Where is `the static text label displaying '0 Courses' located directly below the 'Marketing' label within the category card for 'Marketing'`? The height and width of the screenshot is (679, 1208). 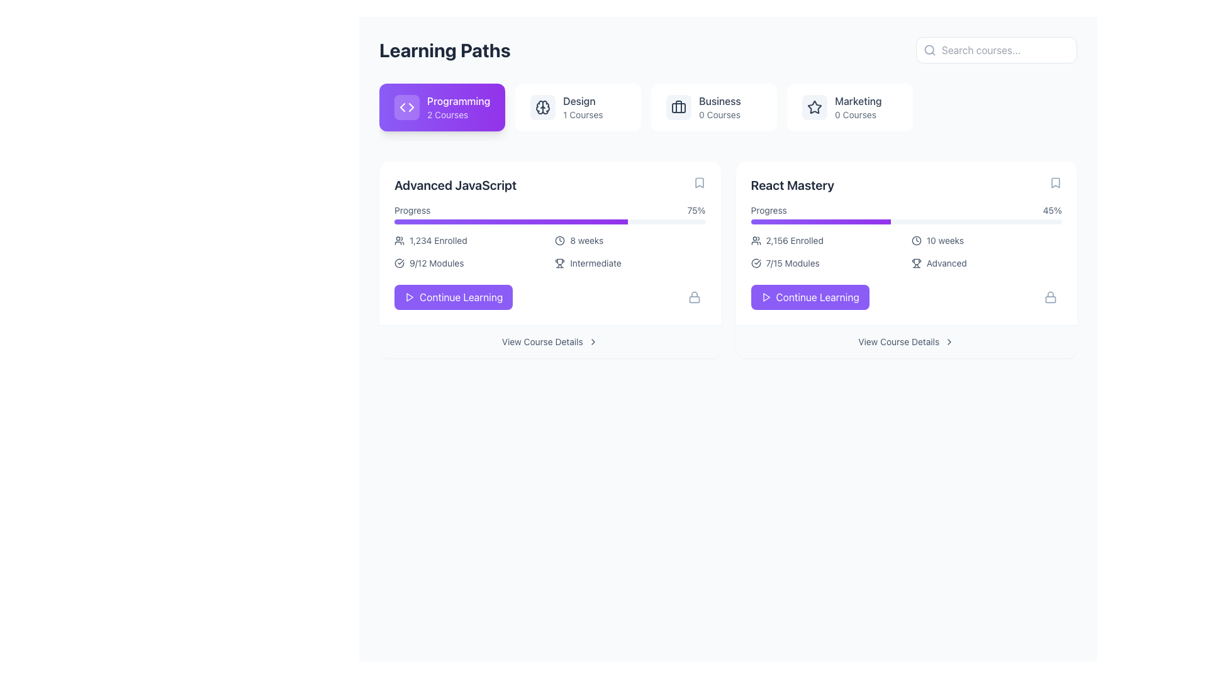 the static text label displaying '0 Courses' located directly below the 'Marketing' label within the category card for 'Marketing' is located at coordinates (858, 114).